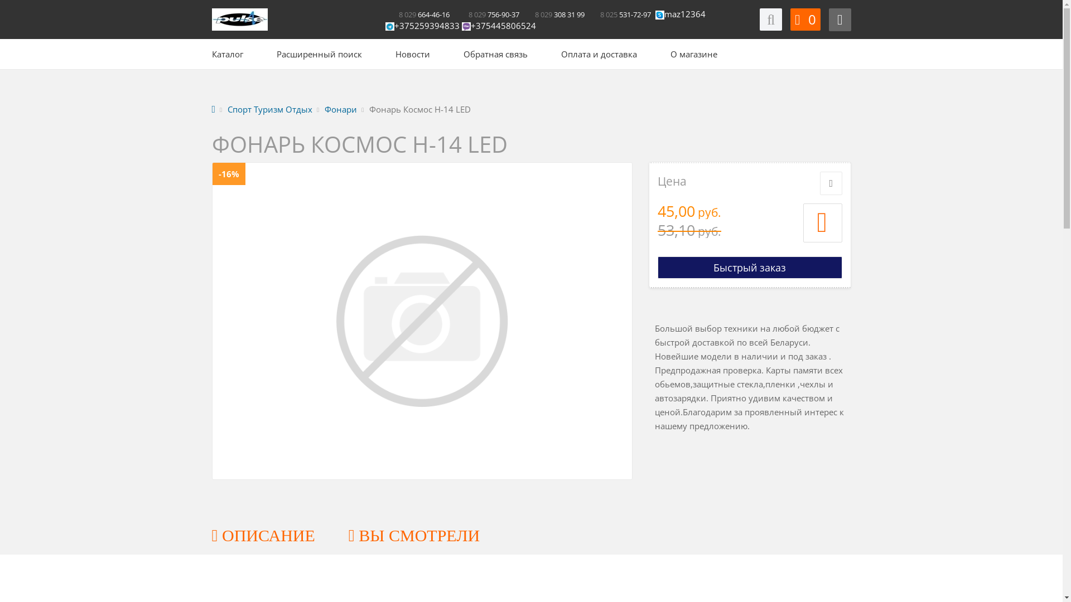 The image size is (1071, 602). What do you see at coordinates (487, 13) in the screenshot?
I see `'8 029 756-90-37'` at bounding box center [487, 13].